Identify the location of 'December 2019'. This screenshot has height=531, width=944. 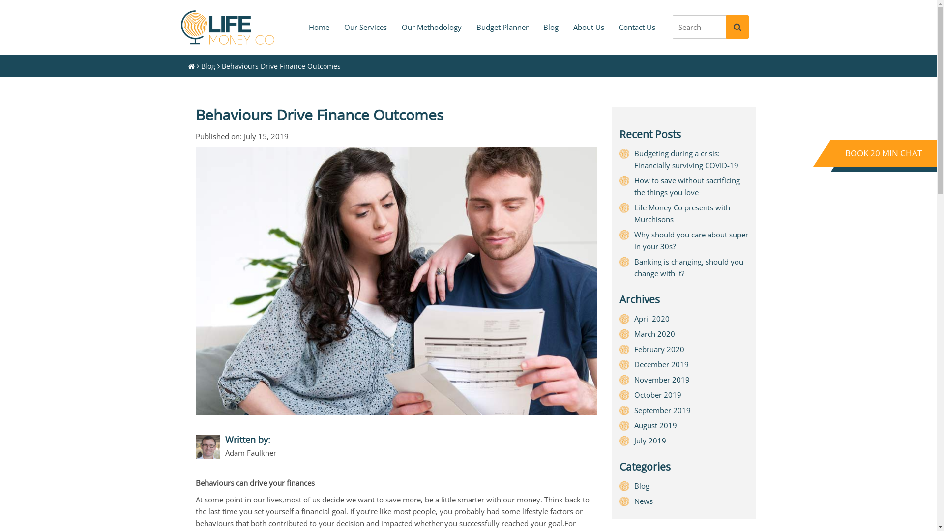
(661, 364).